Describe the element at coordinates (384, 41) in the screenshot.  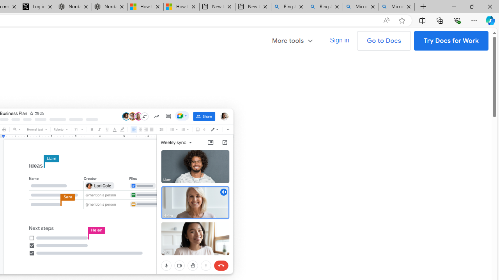
I see `'Go to Docs'` at that location.